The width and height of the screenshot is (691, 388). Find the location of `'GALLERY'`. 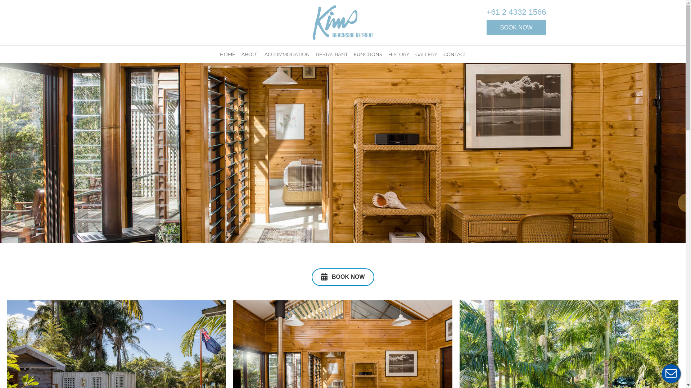

'GALLERY' is located at coordinates (426, 54).